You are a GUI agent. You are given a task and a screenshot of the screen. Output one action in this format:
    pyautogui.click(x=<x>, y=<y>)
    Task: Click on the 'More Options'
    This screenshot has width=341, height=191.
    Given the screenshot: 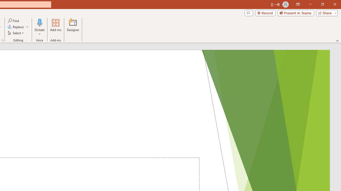 What is the action you would take?
    pyautogui.click(x=39, y=32)
    